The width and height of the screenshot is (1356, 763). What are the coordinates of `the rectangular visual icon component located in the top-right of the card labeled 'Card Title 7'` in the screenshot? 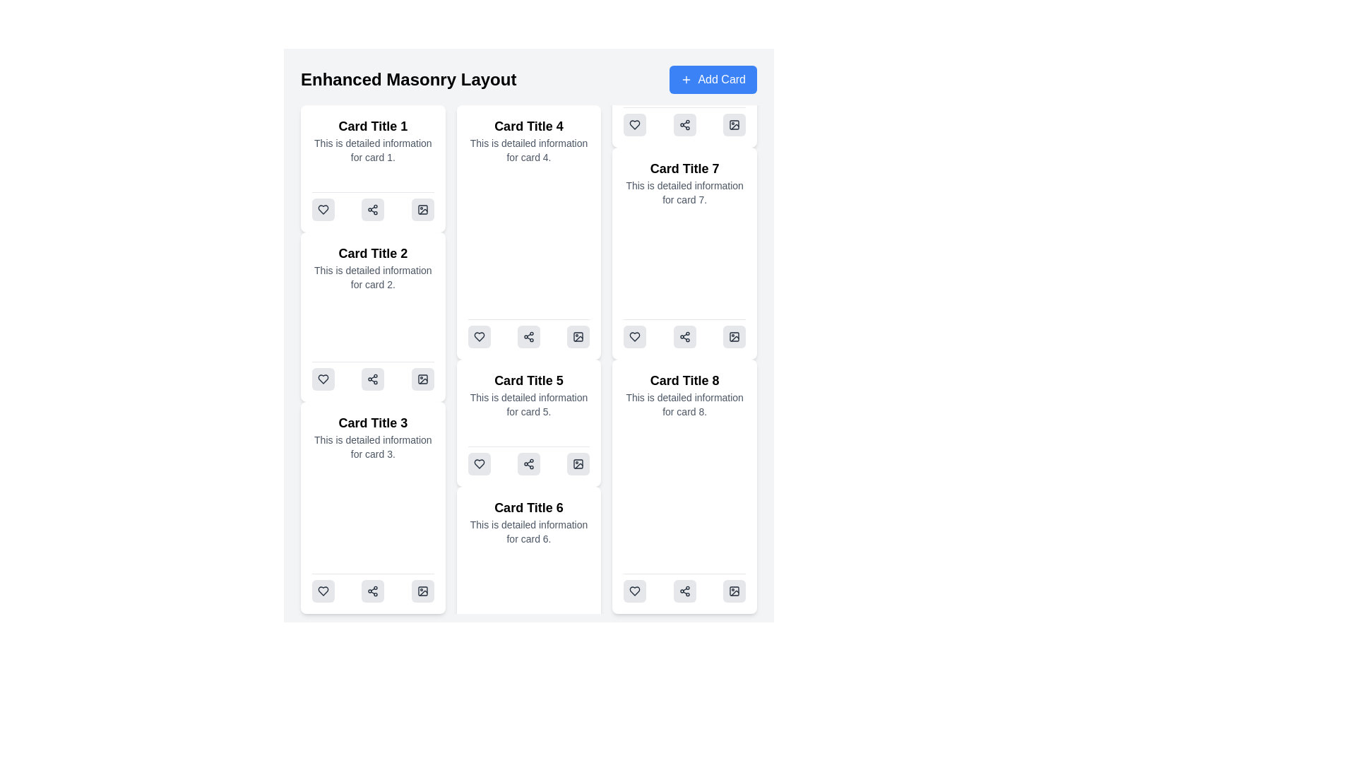 It's located at (734, 124).